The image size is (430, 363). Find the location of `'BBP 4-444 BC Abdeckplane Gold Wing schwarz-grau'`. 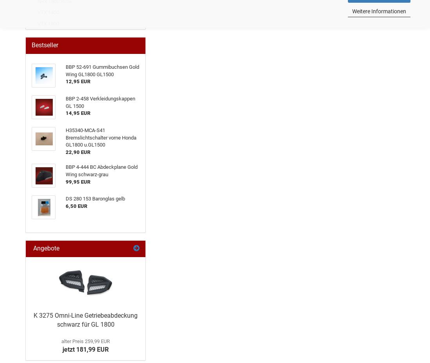

'BBP 4-444 BC Abdeckplane Gold Wing schwarz-grau' is located at coordinates (102, 170).